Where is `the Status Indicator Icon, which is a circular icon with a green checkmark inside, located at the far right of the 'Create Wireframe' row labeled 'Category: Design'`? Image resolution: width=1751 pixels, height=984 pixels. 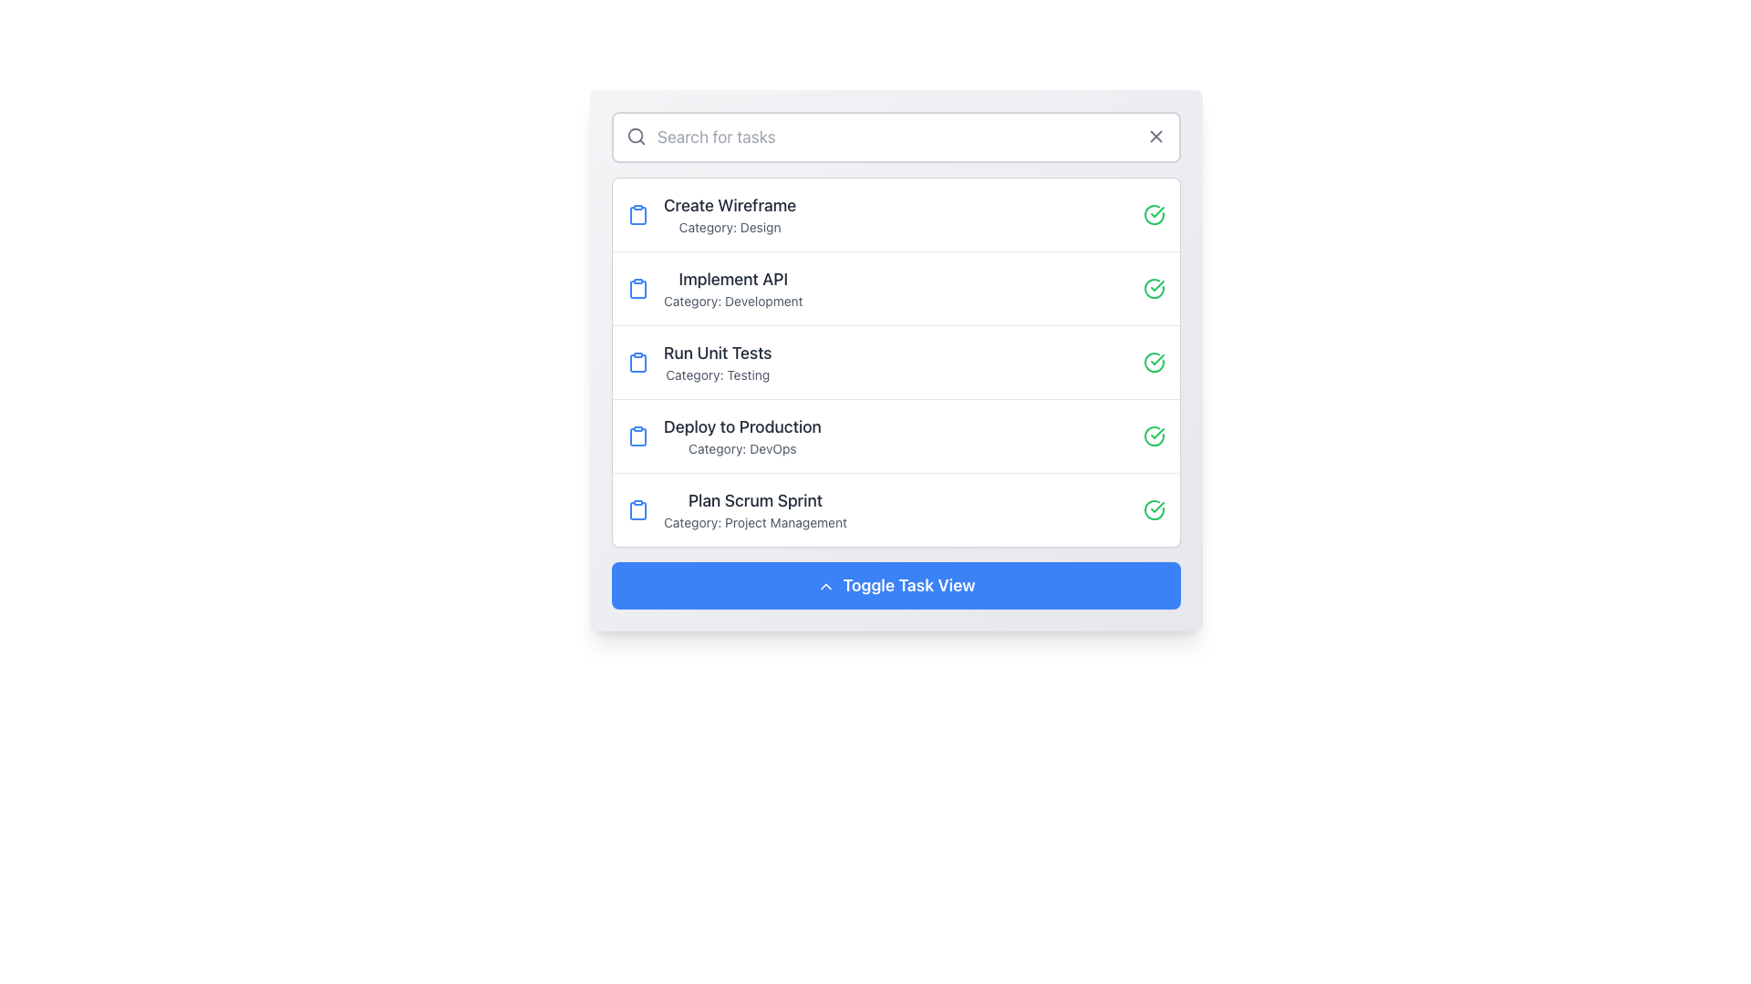 the Status Indicator Icon, which is a circular icon with a green checkmark inside, located at the far right of the 'Create Wireframe' row labeled 'Category: Design' is located at coordinates (1154, 213).